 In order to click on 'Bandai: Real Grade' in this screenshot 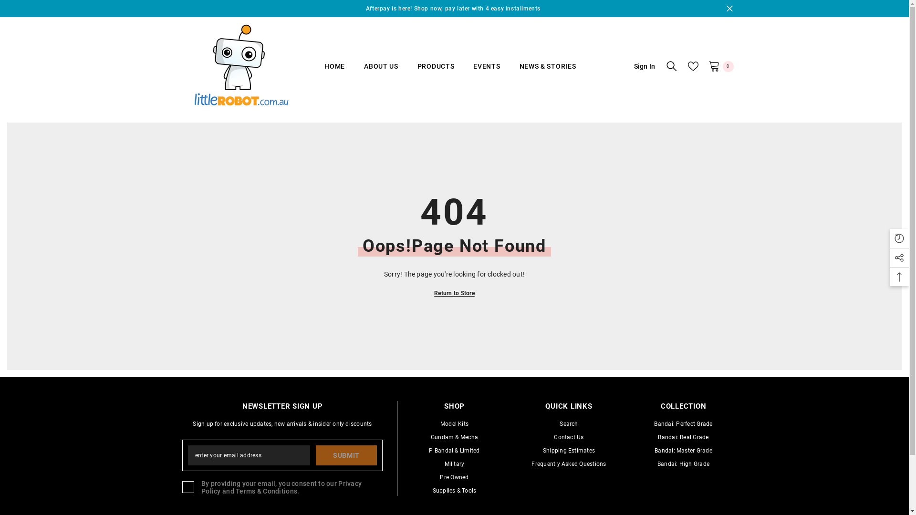, I will do `click(682, 437)`.